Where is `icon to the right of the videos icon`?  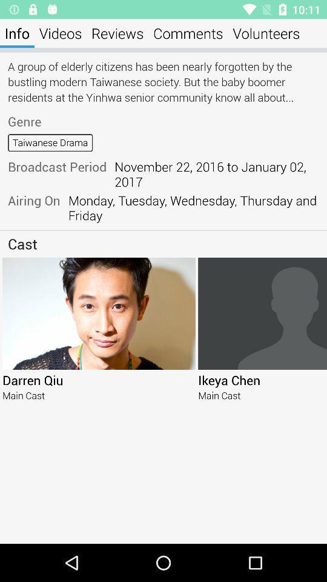
icon to the right of the videos icon is located at coordinates (117, 33).